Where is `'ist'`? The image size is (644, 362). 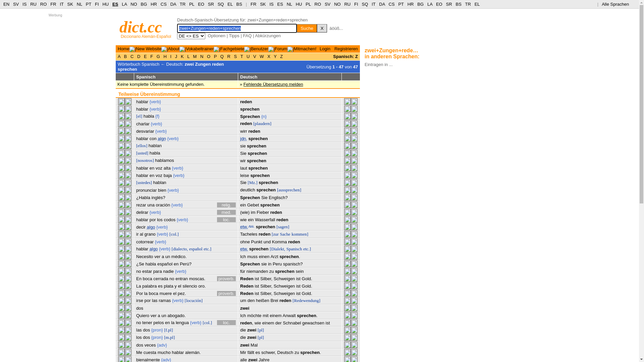
'ist' is located at coordinates (298, 293).